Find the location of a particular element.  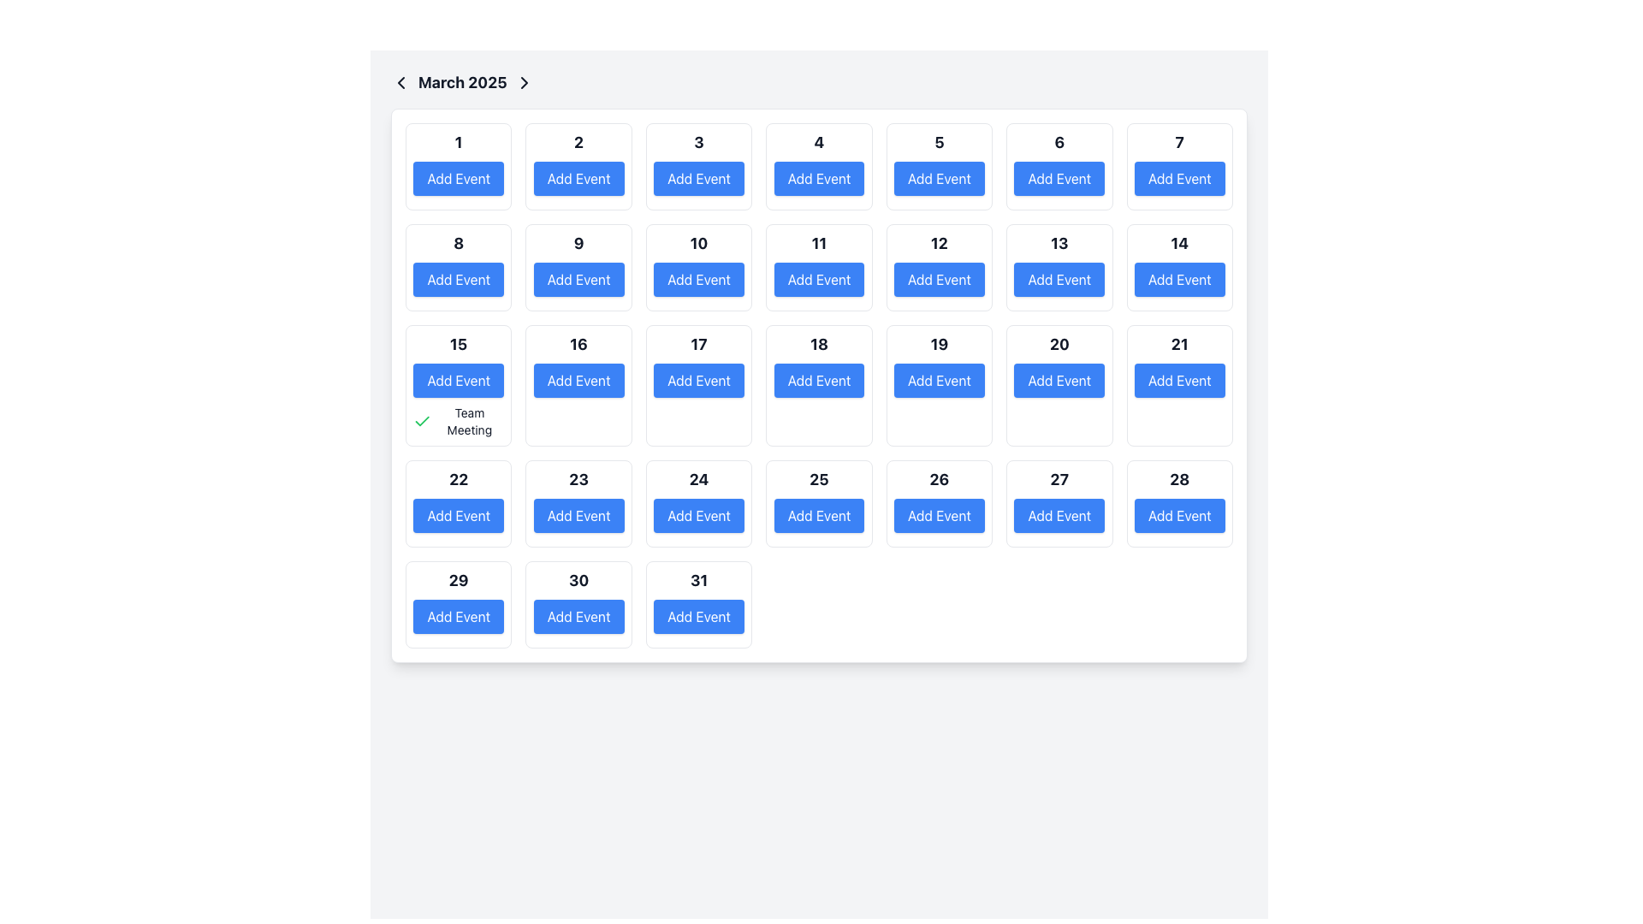

the static text indicating the calendar date for March 18, located in the grid layout representing calendar dates, above the 'Add Event' button is located at coordinates (818, 344).